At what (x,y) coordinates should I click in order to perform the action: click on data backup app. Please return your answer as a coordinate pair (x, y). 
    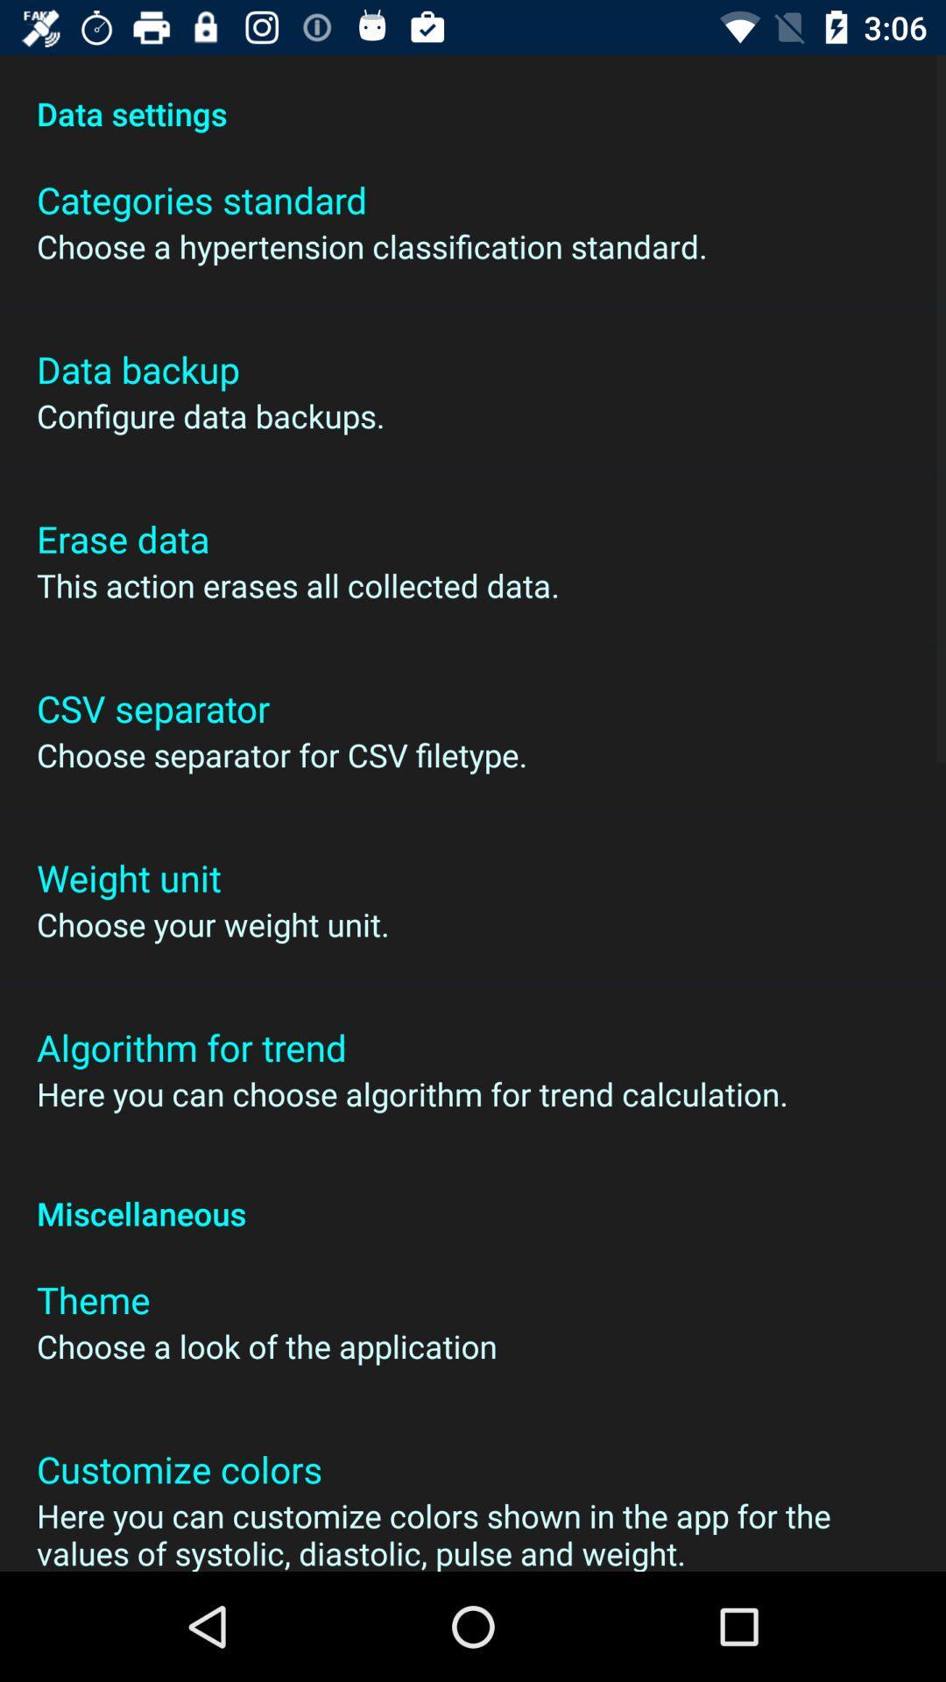
    Looking at the image, I should click on (137, 368).